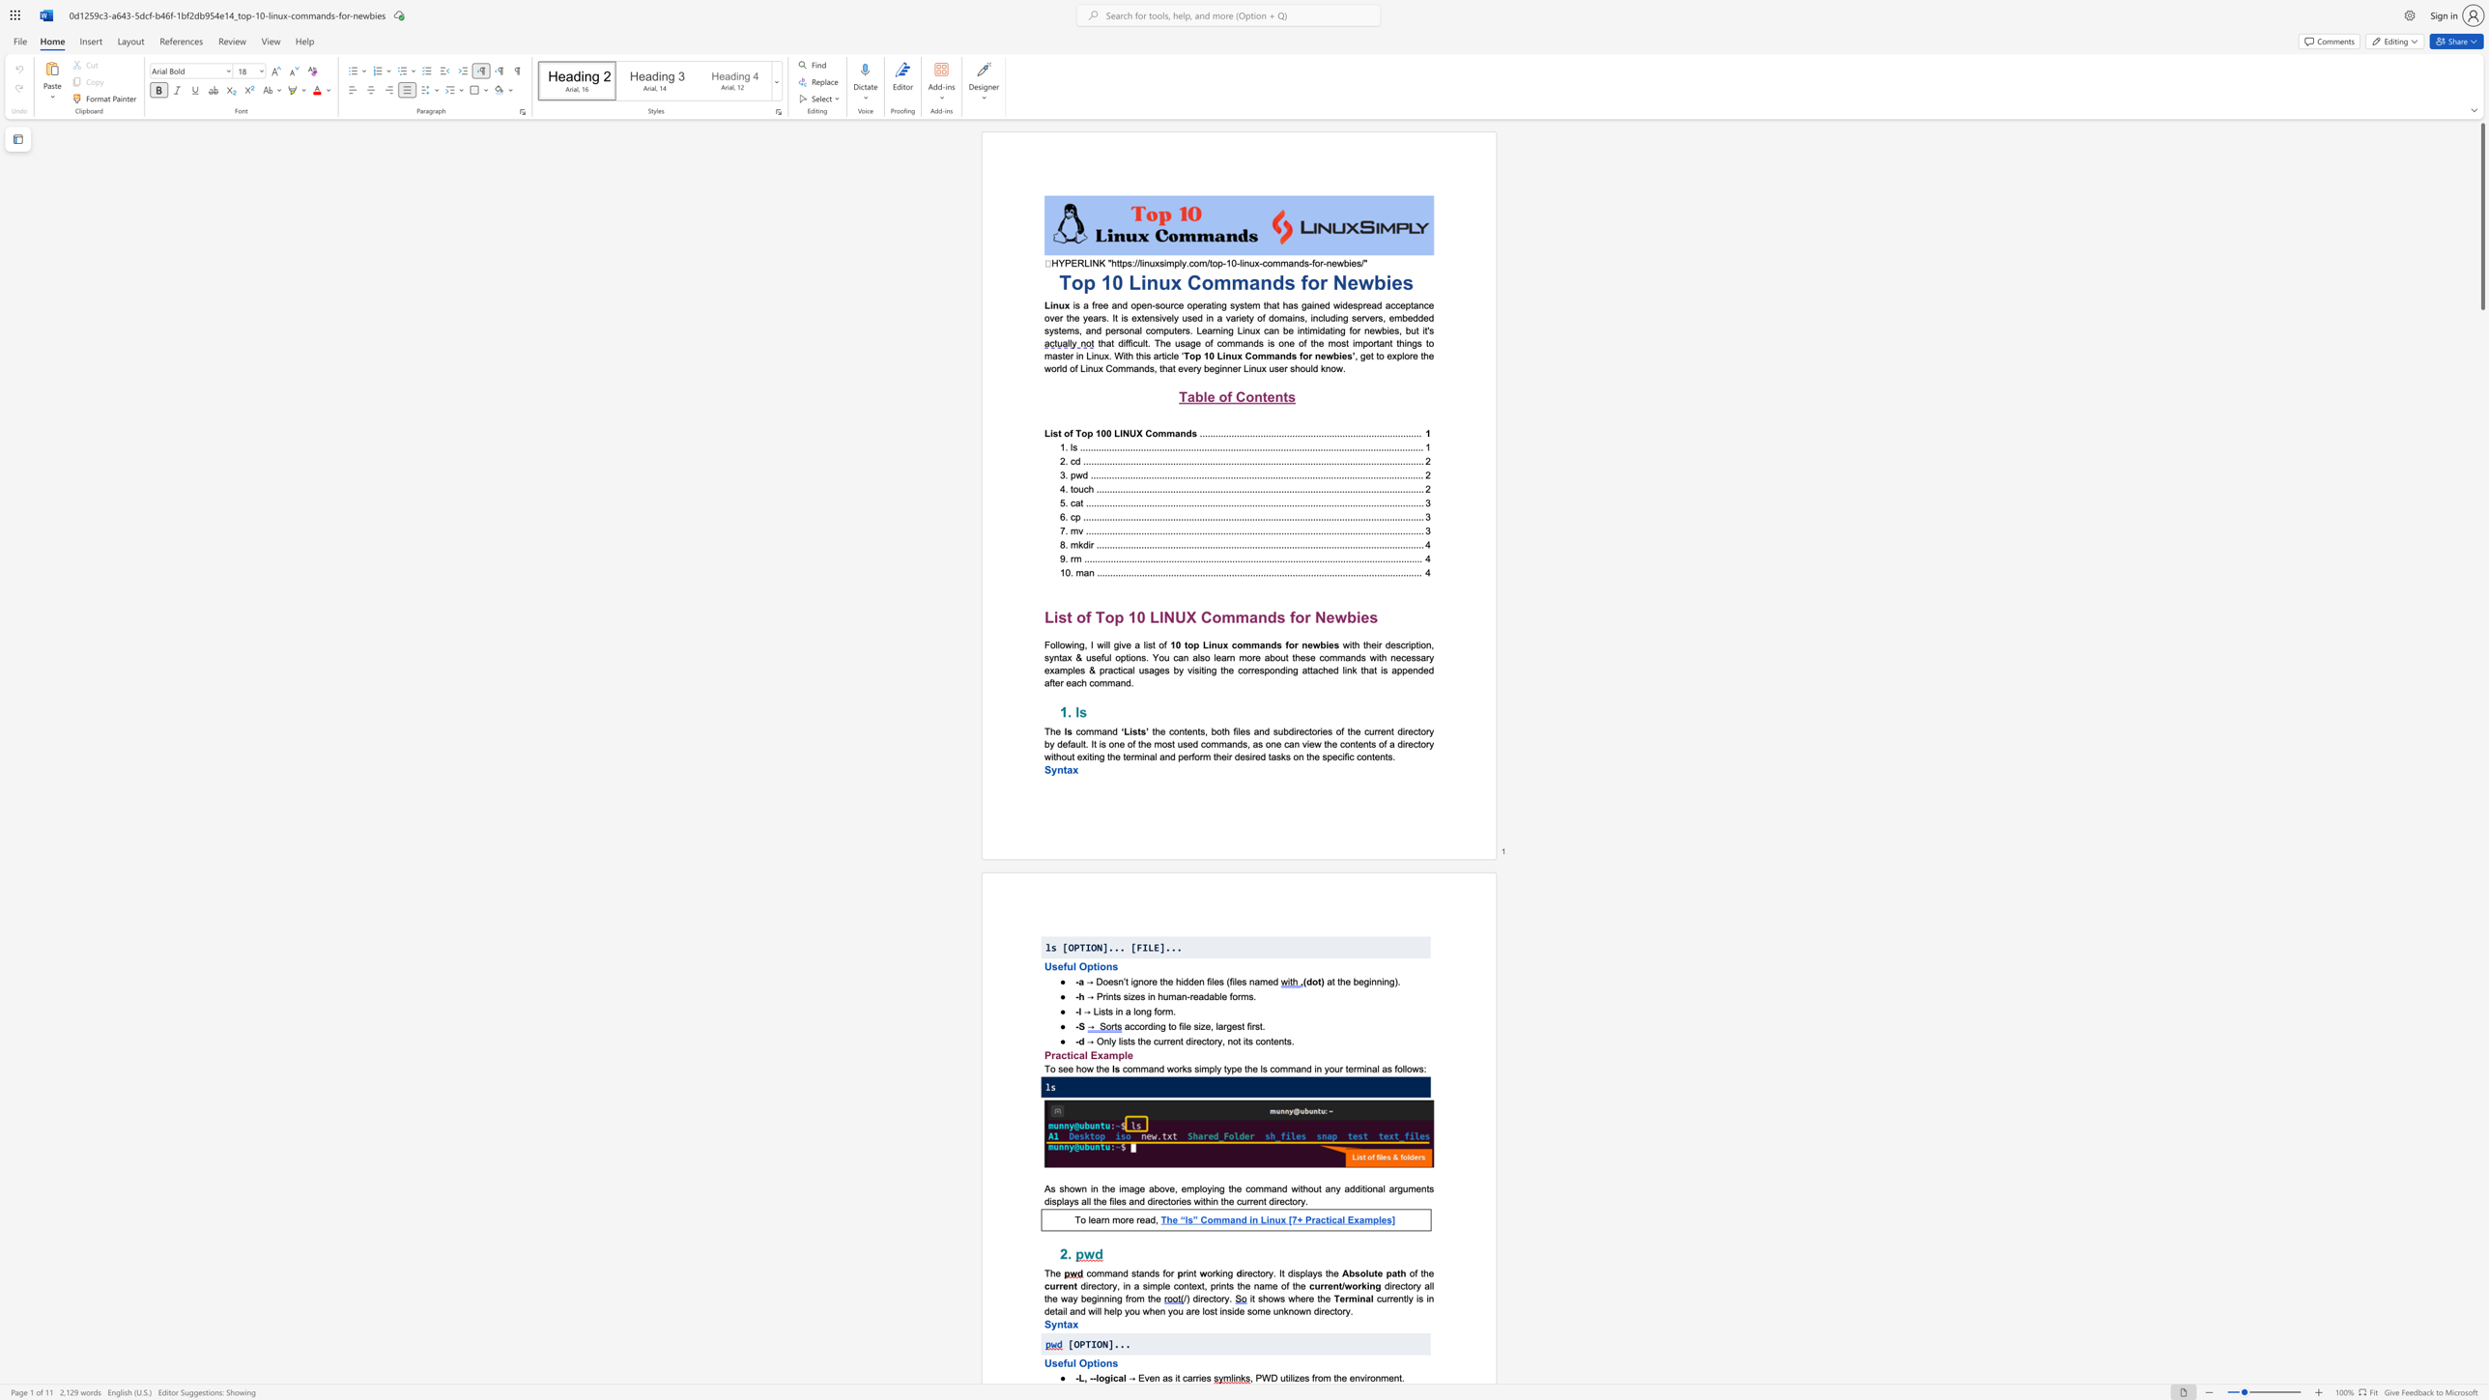  Describe the element at coordinates (1220, 1310) in the screenshot. I see `the 5th character "i" in the text` at that location.